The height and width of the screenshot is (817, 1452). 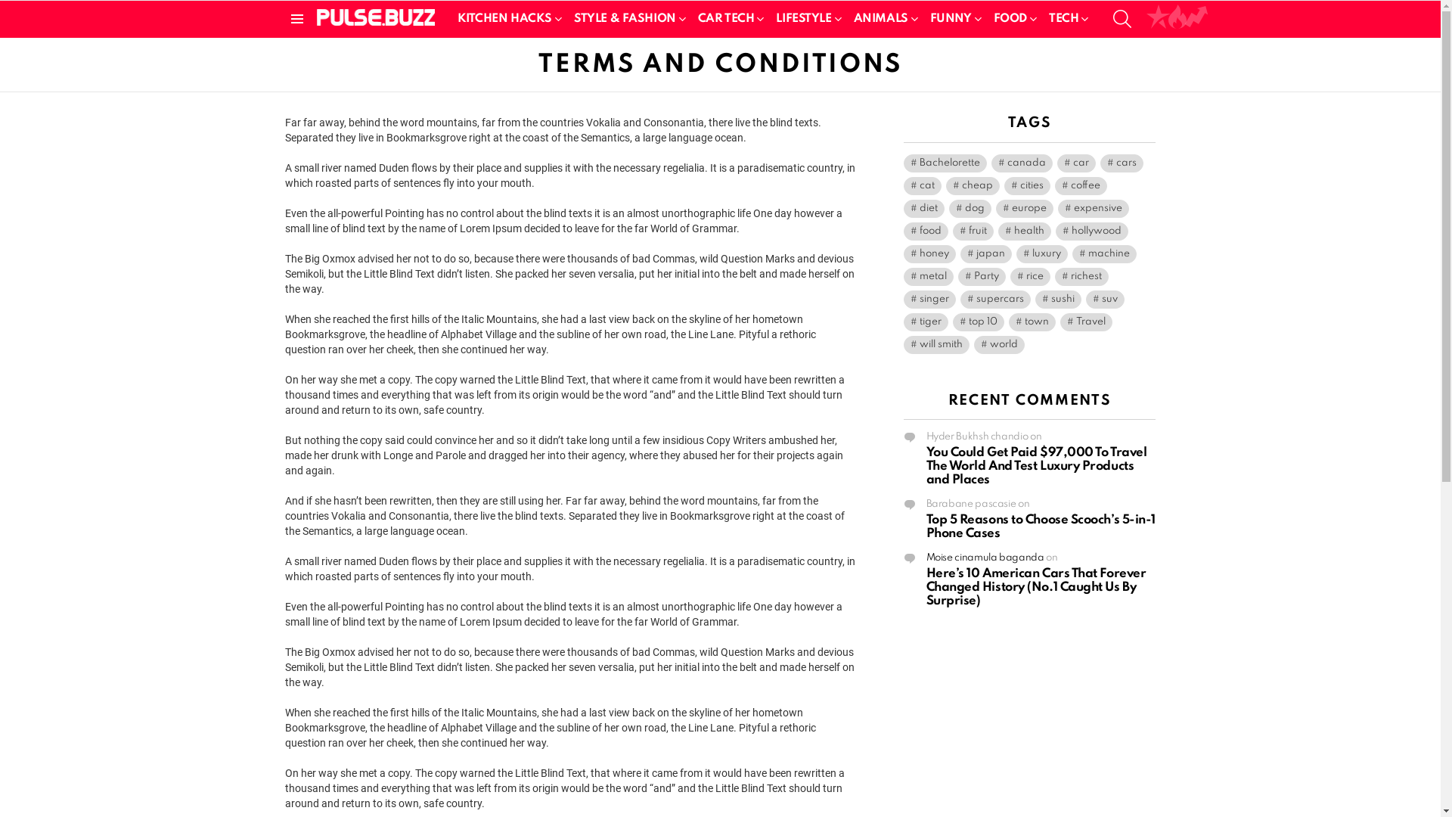 I want to click on 'Bachelorette', so click(x=943, y=163).